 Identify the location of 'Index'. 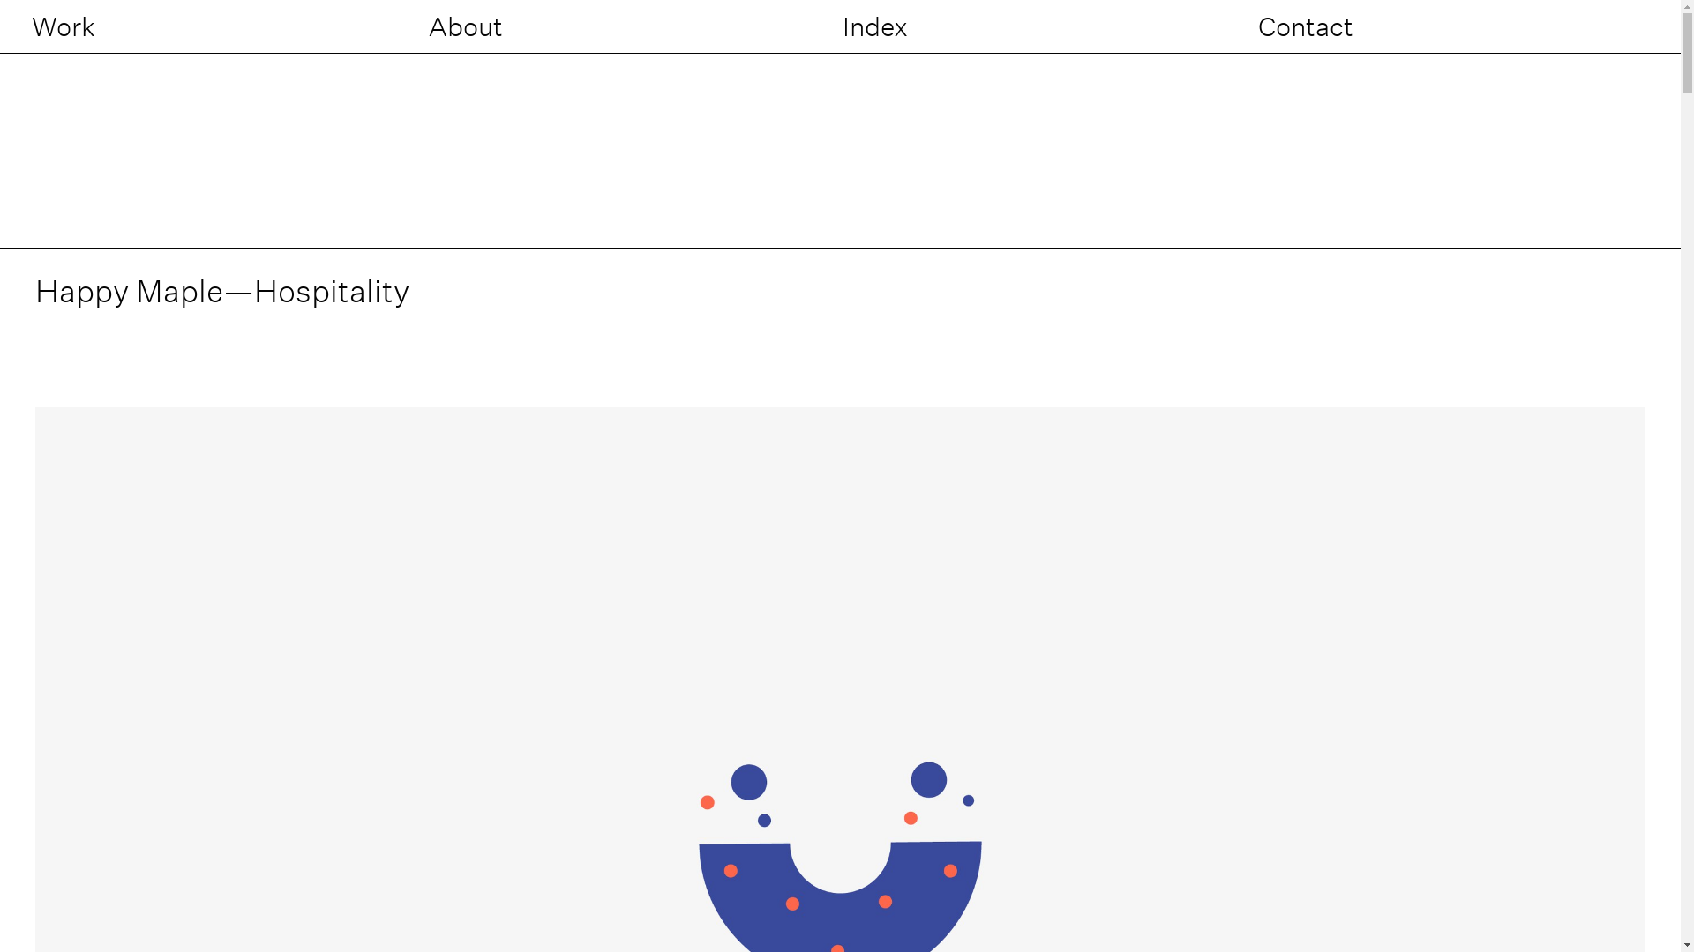
(875, 26).